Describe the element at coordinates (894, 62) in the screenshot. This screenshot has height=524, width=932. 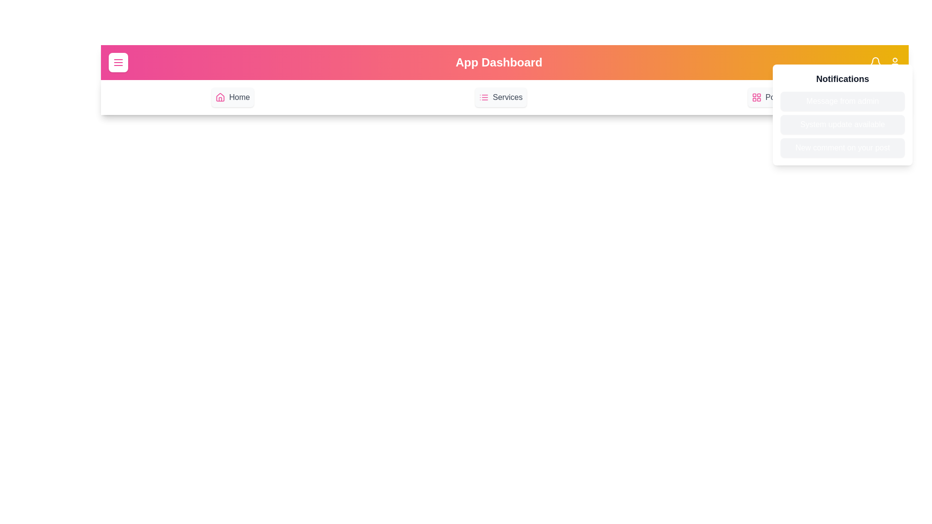
I see `the user icon in the app bar` at that location.